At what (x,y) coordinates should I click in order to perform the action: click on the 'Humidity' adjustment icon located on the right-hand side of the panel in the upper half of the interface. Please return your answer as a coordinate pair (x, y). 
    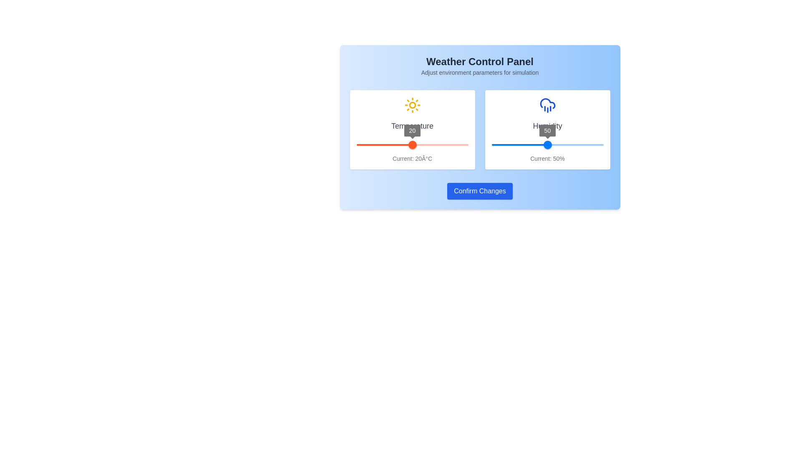
    Looking at the image, I should click on (547, 103).